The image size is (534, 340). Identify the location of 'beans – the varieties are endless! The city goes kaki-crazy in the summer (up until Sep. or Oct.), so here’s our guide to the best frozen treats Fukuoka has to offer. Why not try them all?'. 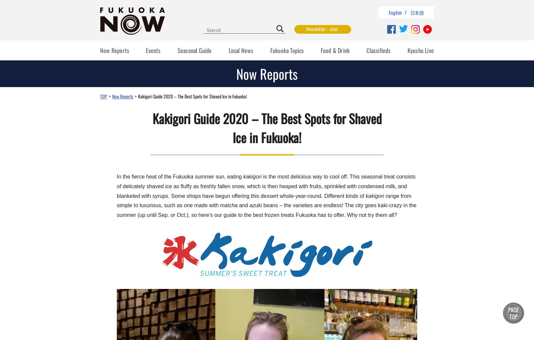
(266, 210).